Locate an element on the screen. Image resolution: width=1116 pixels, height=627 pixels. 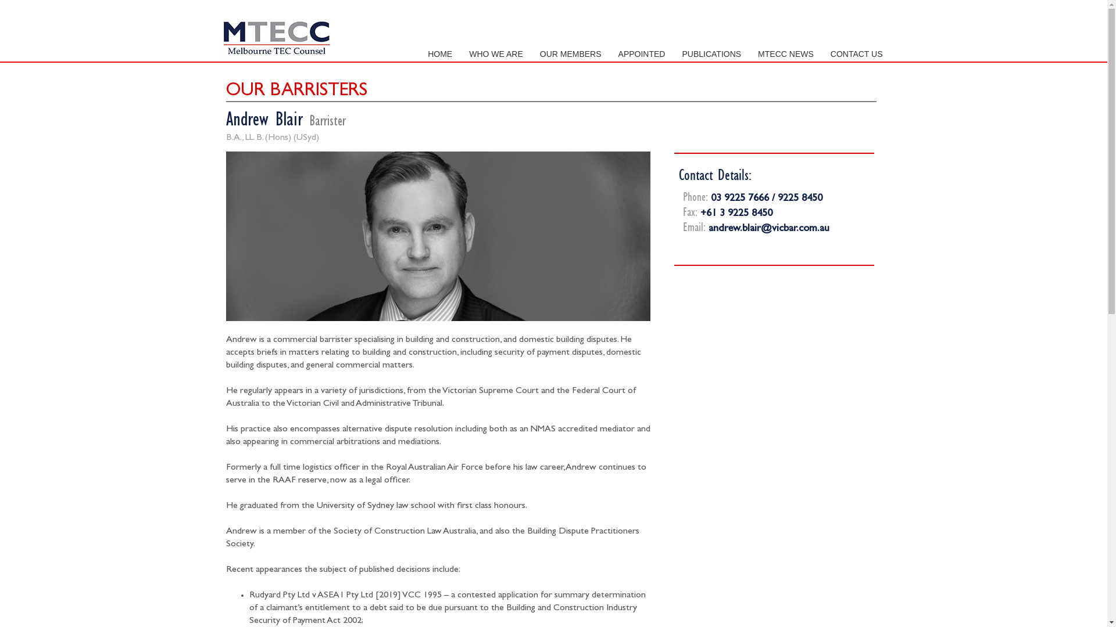
'HOME' is located at coordinates (439, 53).